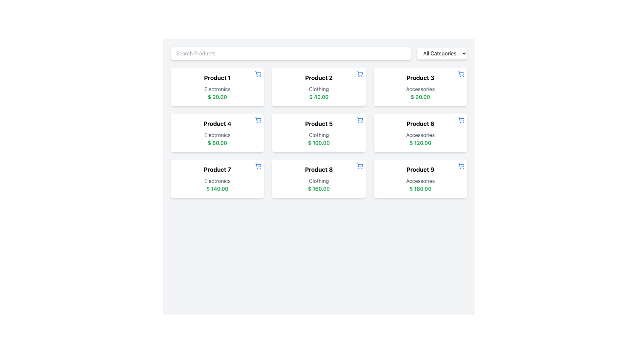 This screenshot has height=354, width=630. Describe the element at coordinates (319, 97) in the screenshot. I see `the price text label displaying the cost of 'Product 2', located within the product card widget` at that location.